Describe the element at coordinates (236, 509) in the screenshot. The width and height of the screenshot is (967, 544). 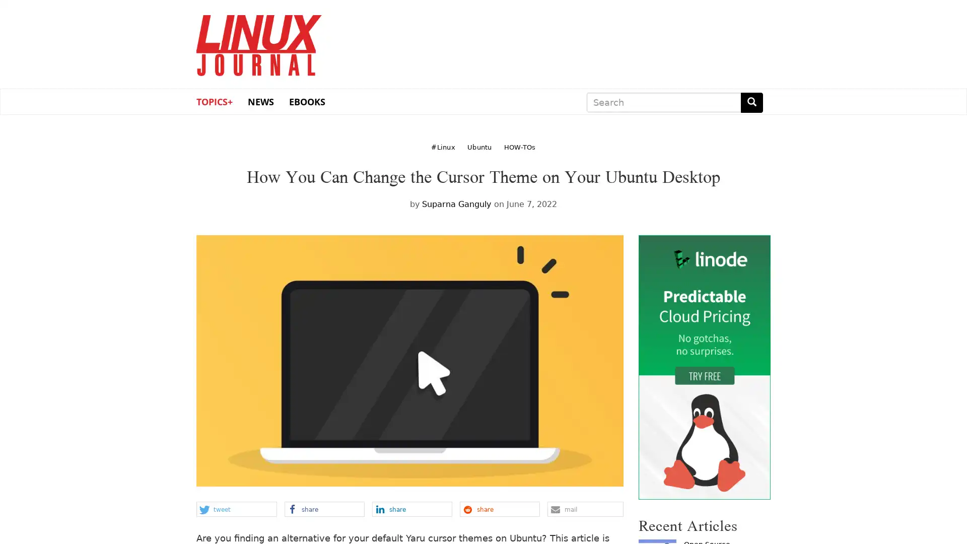
I see `Share on Twitter` at that location.